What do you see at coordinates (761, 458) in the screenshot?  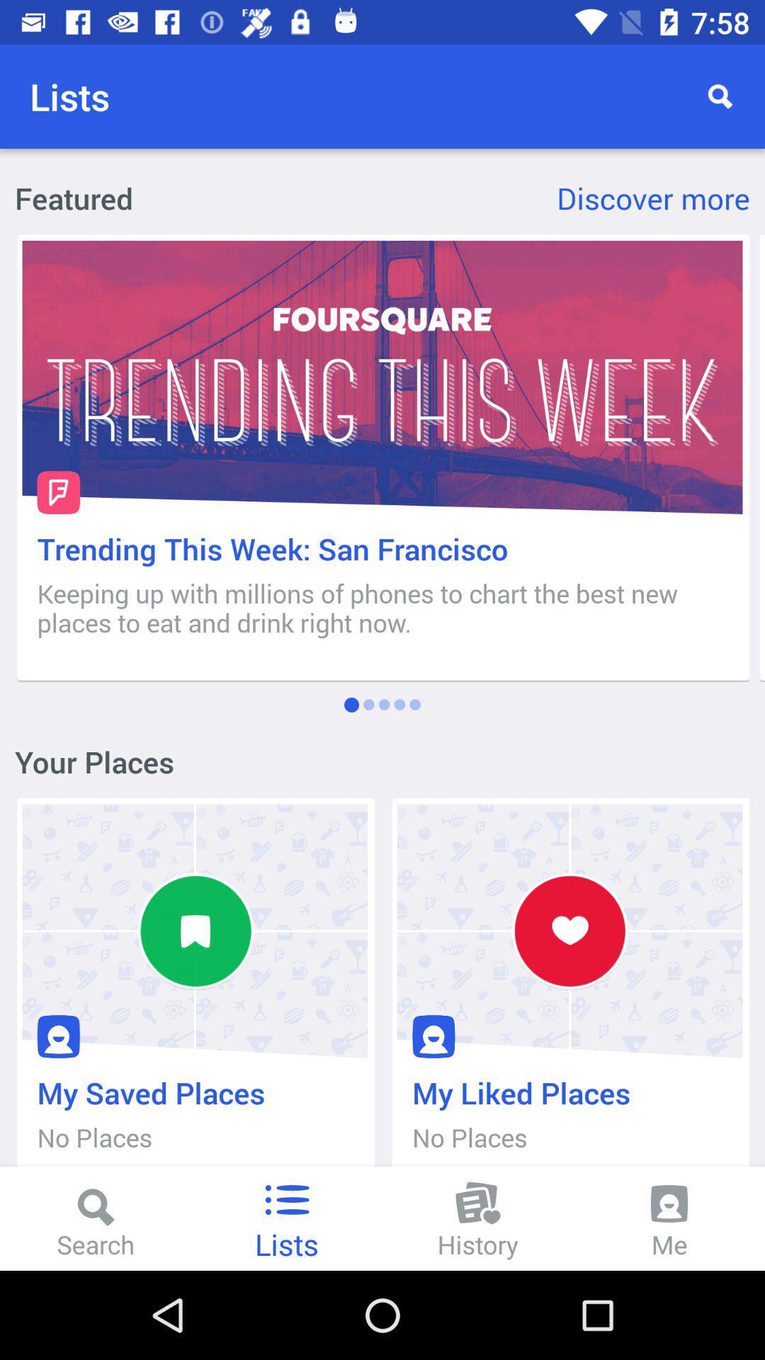 I see `scroll bar` at bounding box center [761, 458].